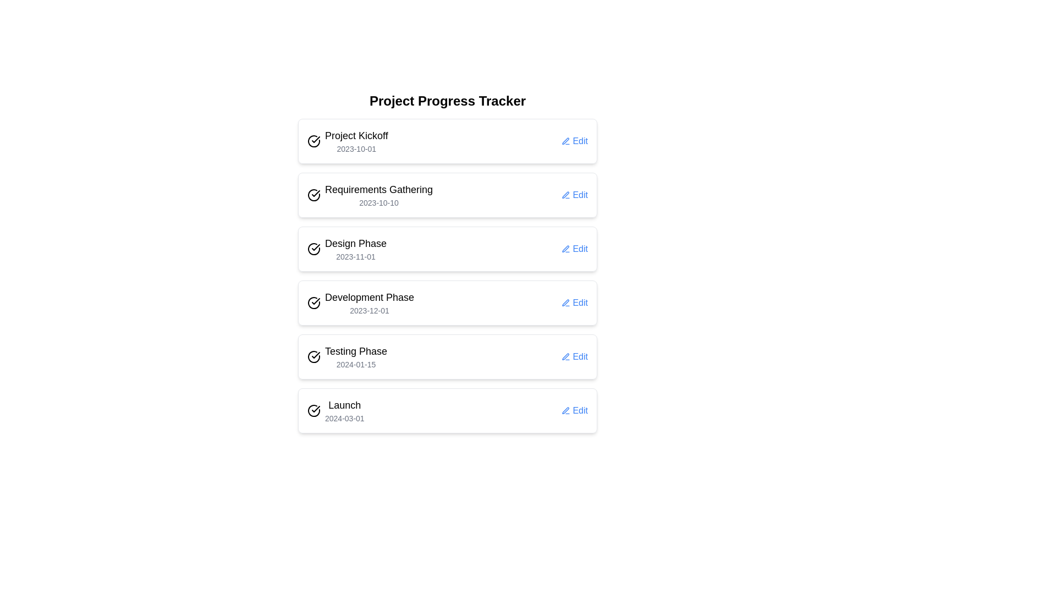 The width and height of the screenshot is (1056, 594). What do you see at coordinates (356, 141) in the screenshot?
I see `the text block labeled 'Project Kickoff' that indicates the project phase and date '2023-10-01', located below the 'Project Progress Tracker' header` at bounding box center [356, 141].